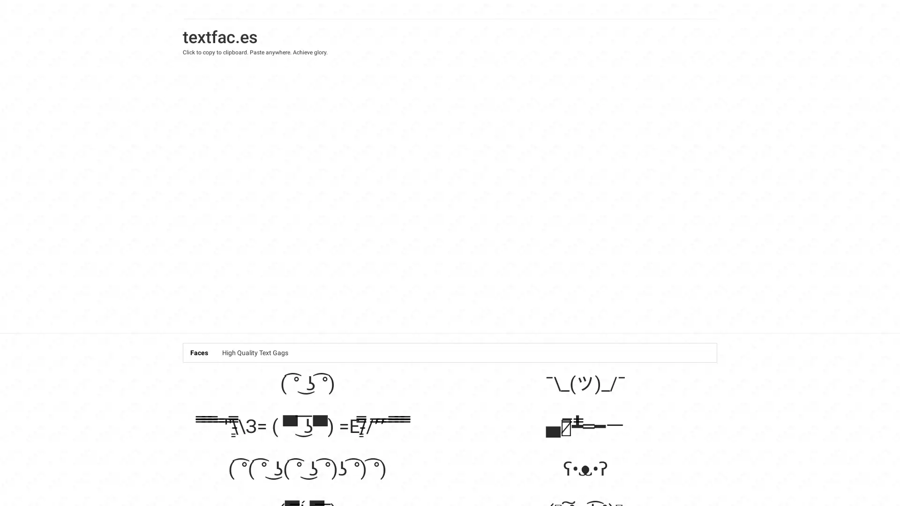 The height and width of the screenshot is (506, 900). I want to click on (   ), so click(307, 383).